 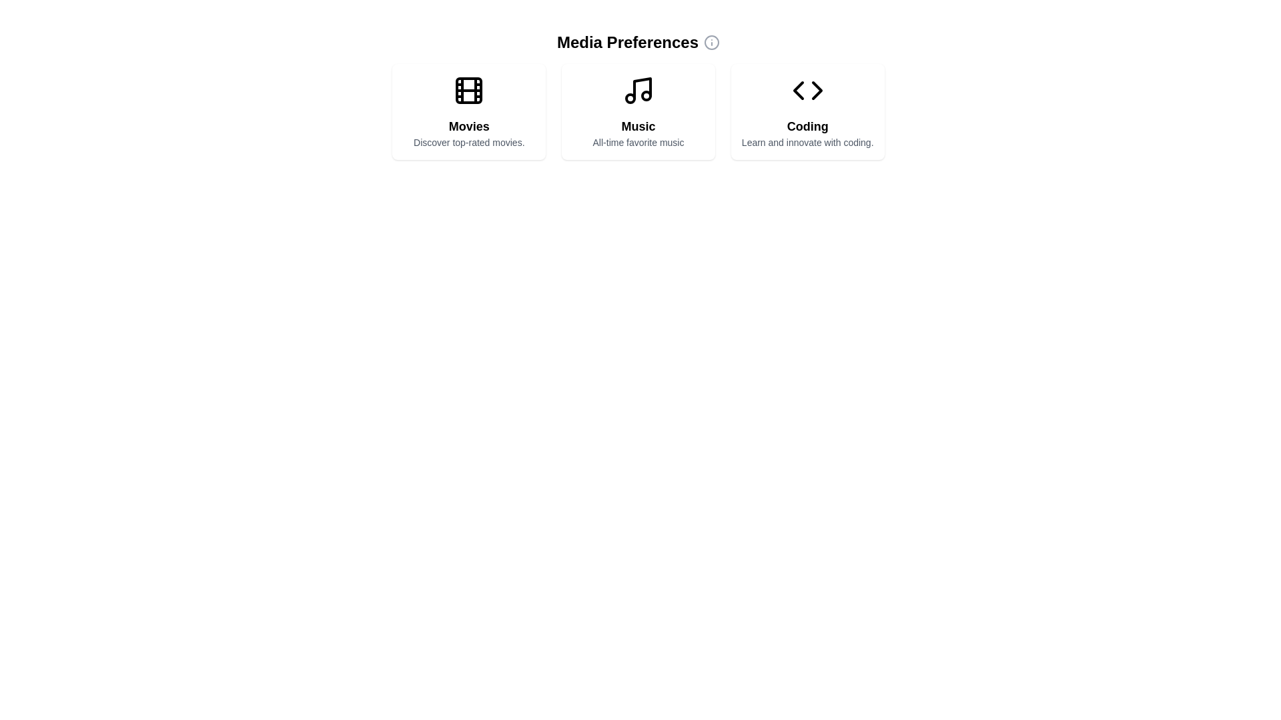 What do you see at coordinates (807, 90) in the screenshot?
I see `the coding icon located at the top center of the third card under the 'Media Preferences' section, above the 'Coding' title and subtitle text` at bounding box center [807, 90].